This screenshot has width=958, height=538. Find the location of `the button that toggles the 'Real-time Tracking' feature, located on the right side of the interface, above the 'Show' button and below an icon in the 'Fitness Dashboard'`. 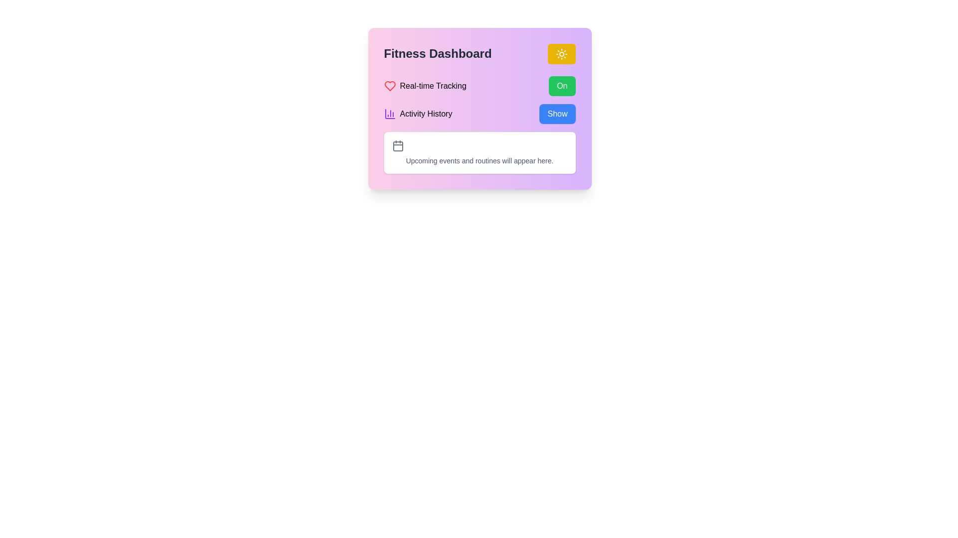

the button that toggles the 'Real-time Tracking' feature, located on the right side of the interface, above the 'Show' button and below an icon in the 'Fitness Dashboard' is located at coordinates (562, 85).